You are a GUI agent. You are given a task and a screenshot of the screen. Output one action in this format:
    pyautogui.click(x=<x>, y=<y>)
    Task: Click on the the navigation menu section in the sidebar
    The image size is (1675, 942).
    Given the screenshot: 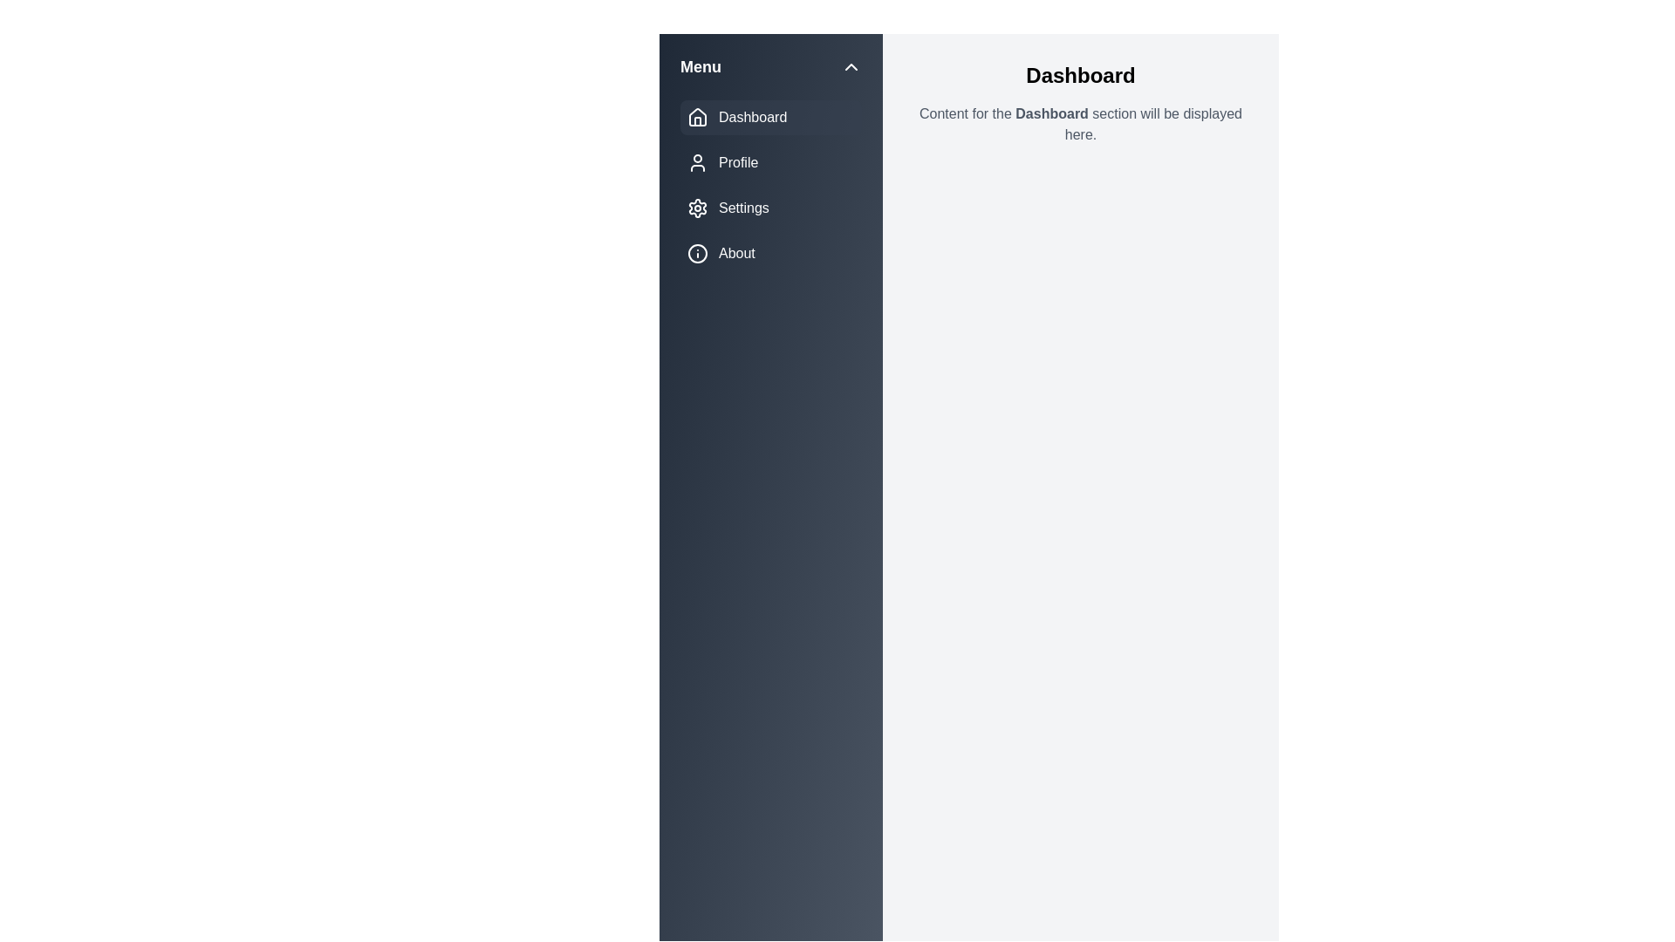 What is the action you would take?
    pyautogui.click(x=769, y=185)
    